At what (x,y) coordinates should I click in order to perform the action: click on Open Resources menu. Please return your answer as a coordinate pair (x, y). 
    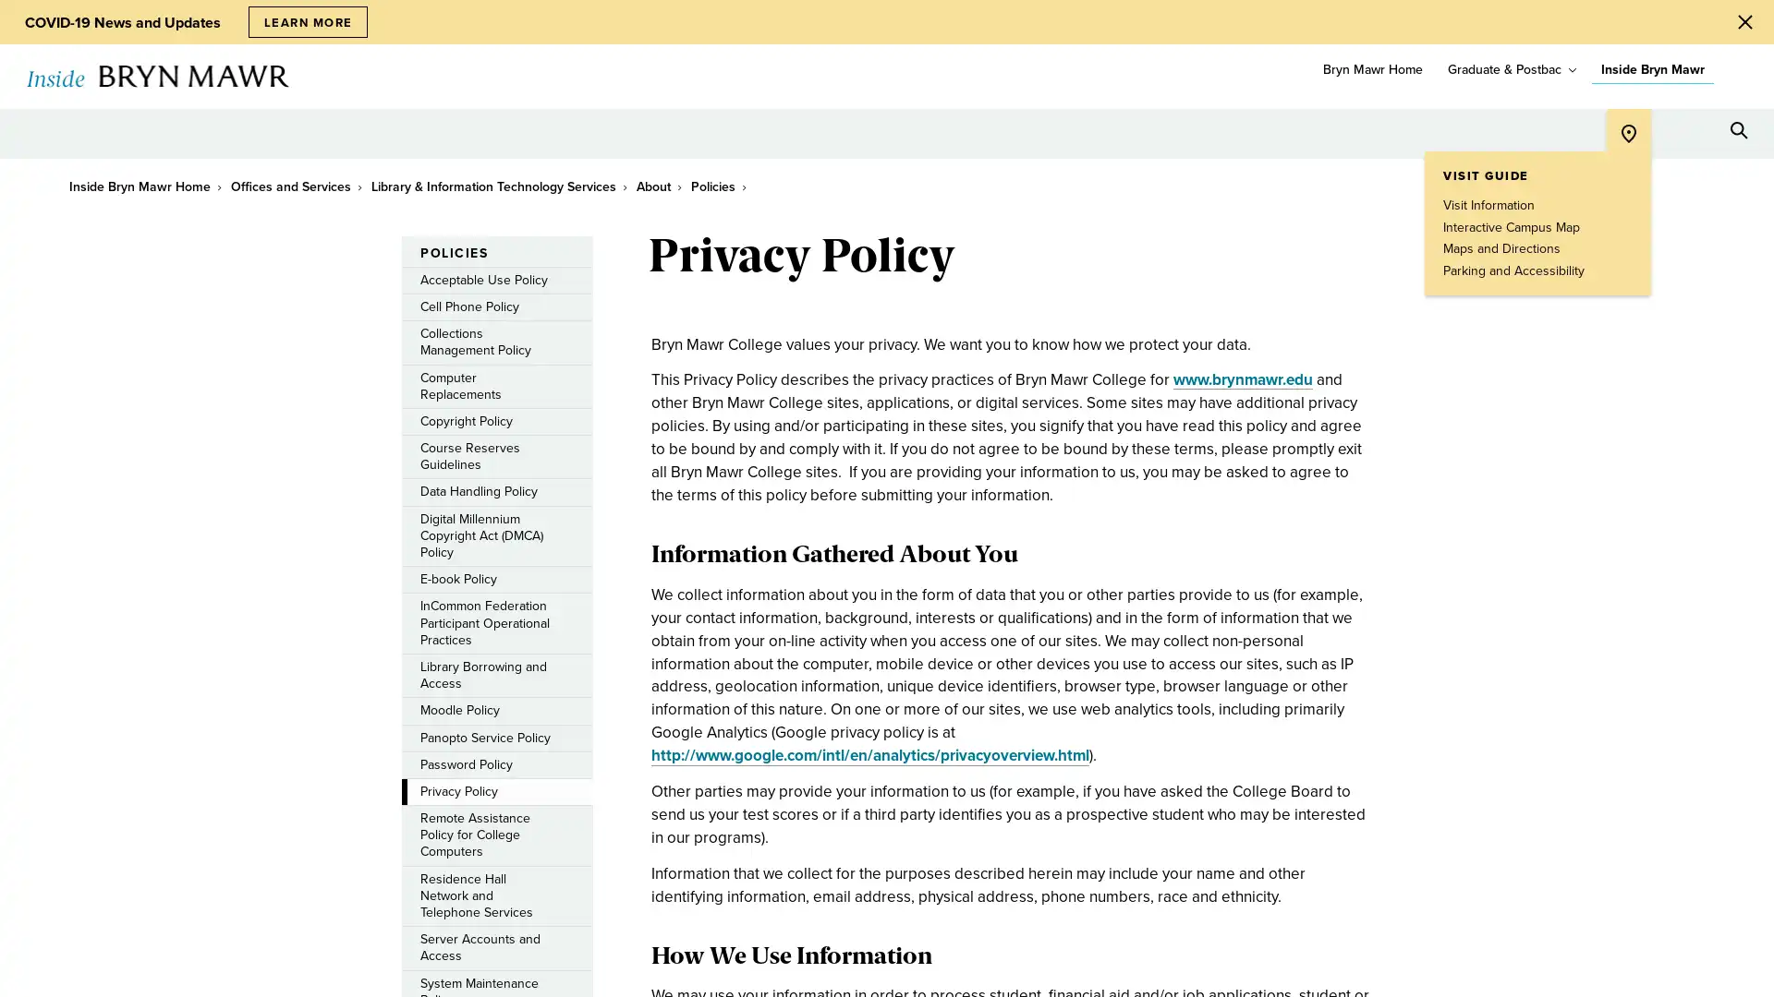
    Looking at the image, I should click on (1691, 128).